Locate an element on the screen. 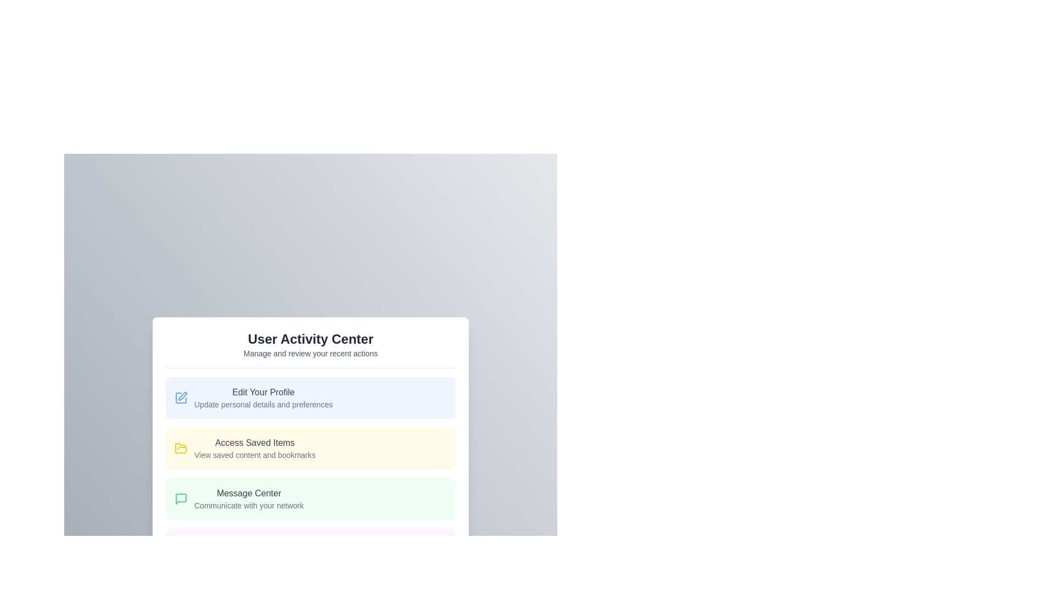 This screenshot has width=1054, height=593. on the text label that describes access is located at coordinates (254, 448).